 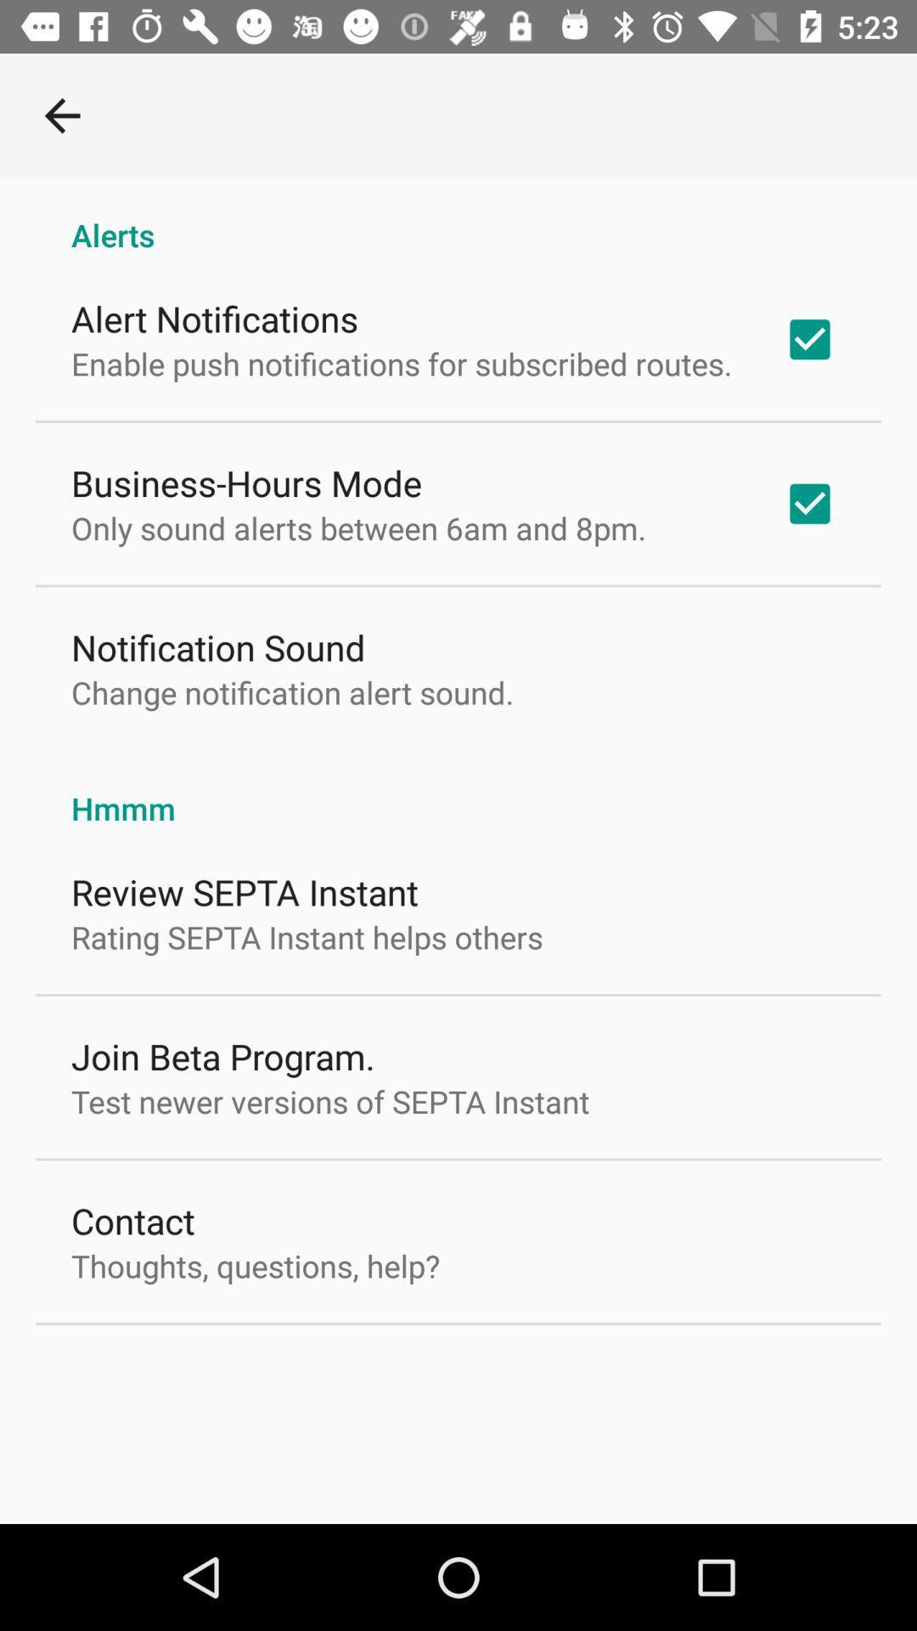 What do you see at coordinates (357, 527) in the screenshot?
I see `the only sound alerts icon` at bounding box center [357, 527].